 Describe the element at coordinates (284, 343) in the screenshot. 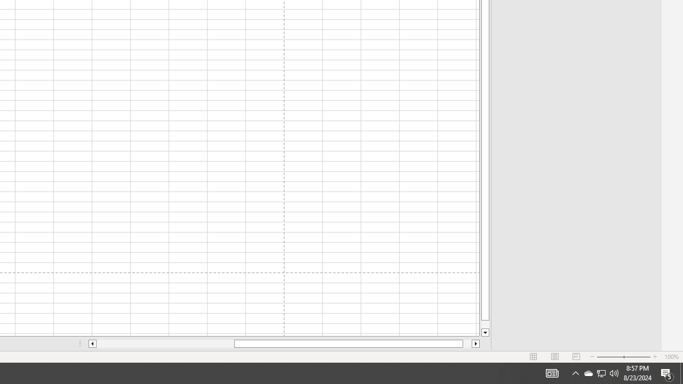

I see `'Class: NetUIScrollBar'` at that location.